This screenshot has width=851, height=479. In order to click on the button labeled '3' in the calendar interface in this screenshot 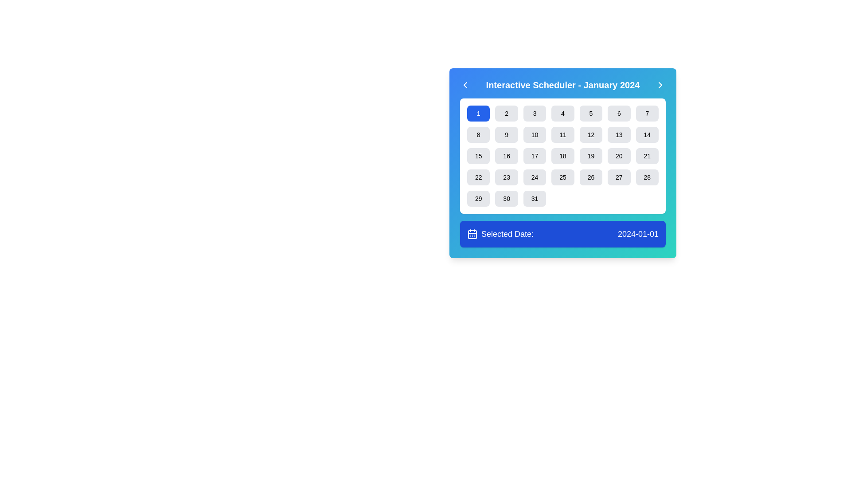, I will do `click(534, 113)`.